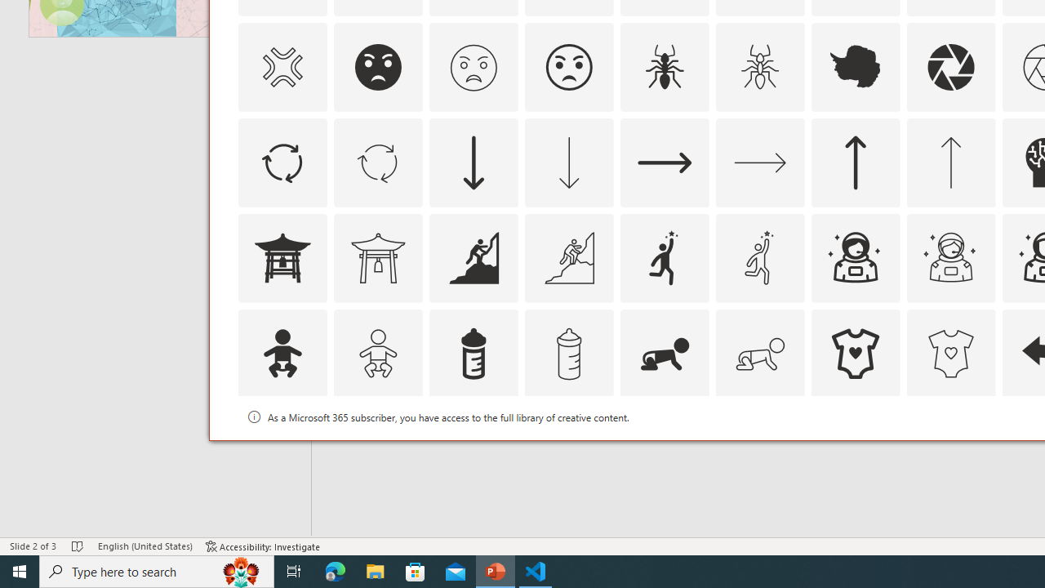  Describe the element at coordinates (950, 352) in the screenshot. I see `'AutomationID: Icons_BabyOnesie_M'` at that location.